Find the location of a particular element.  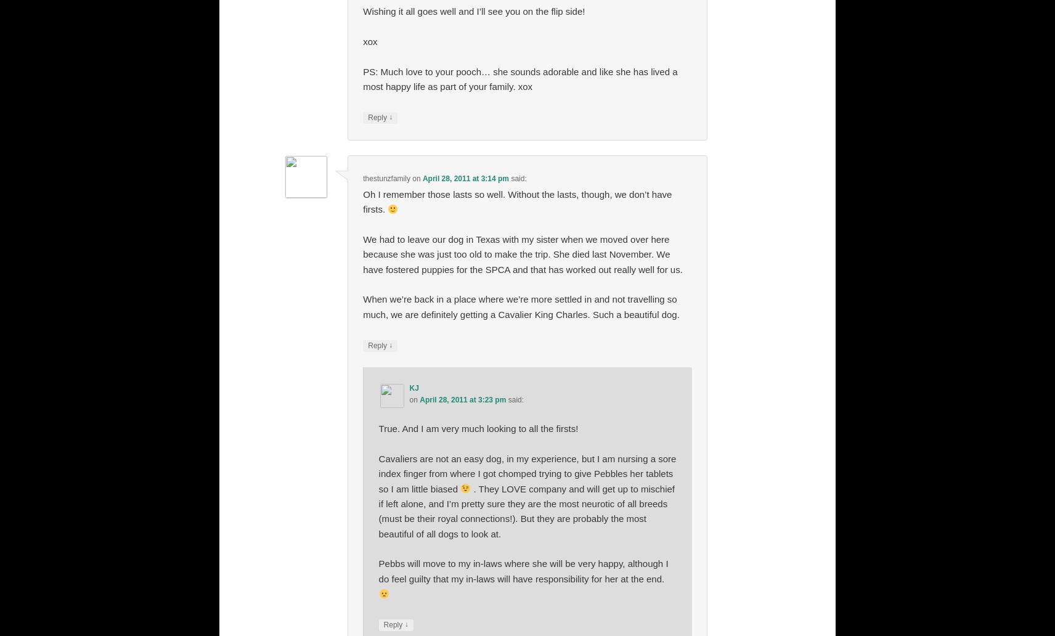

'PS: Much love to your pooch… she sounds adorable and like she has lived a most happy life as part of your family. xox' is located at coordinates (362, 78).